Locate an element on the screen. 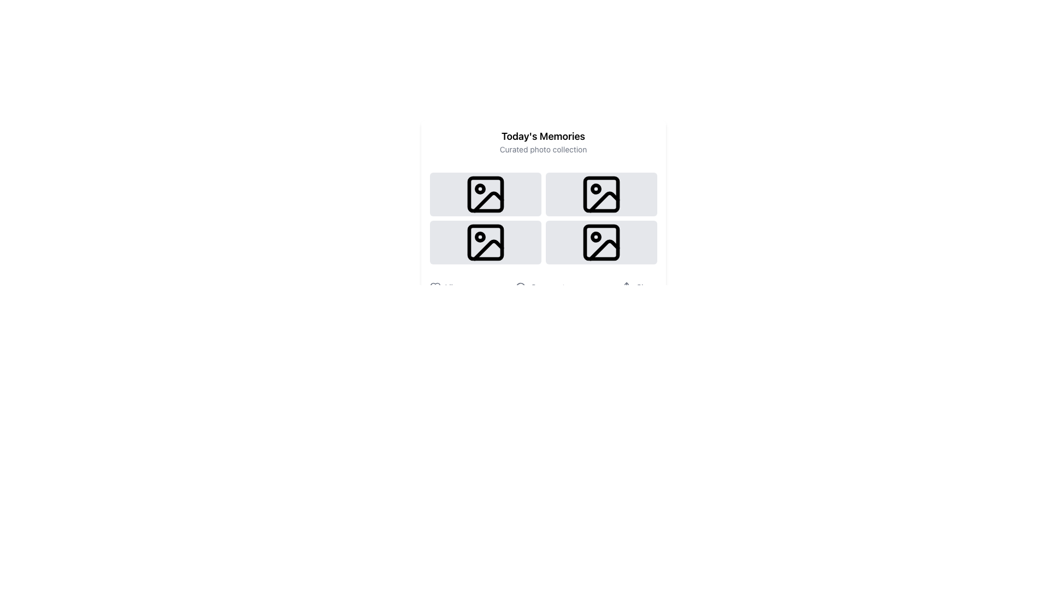 The height and width of the screenshot is (590, 1049). the decorative graphical element inside the top-left icon of the grid of image placeholders is located at coordinates (480, 188).